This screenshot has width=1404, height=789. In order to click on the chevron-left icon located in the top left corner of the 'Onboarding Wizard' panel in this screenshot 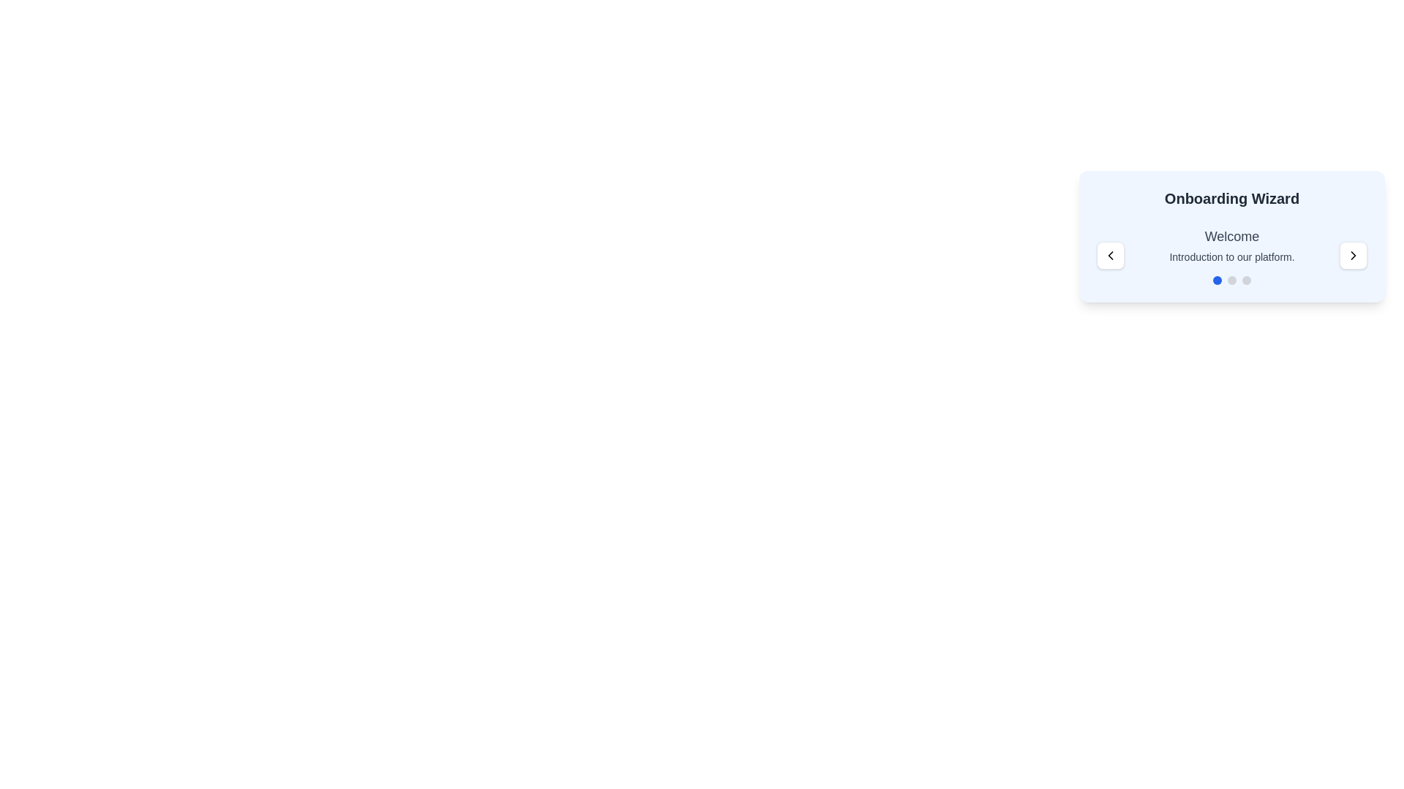, I will do `click(1110, 255)`.